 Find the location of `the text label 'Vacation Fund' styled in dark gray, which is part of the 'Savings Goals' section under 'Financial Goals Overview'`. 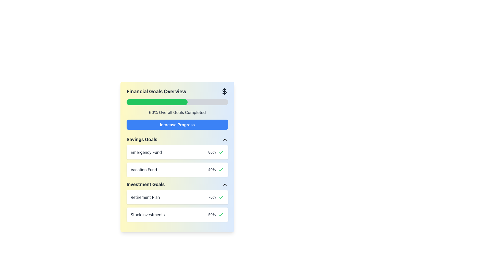

the text label 'Vacation Fund' styled in dark gray, which is part of the 'Savings Goals' section under 'Financial Goals Overview' is located at coordinates (143, 169).